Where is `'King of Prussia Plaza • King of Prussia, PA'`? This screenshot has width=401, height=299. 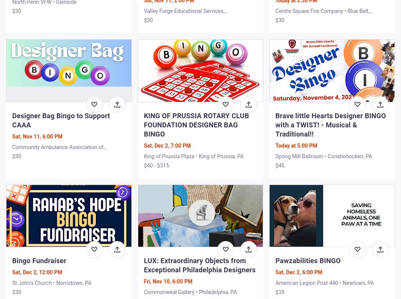
'King of Prussia Plaza • King of Prussia, PA' is located at coordinates (193, 156).